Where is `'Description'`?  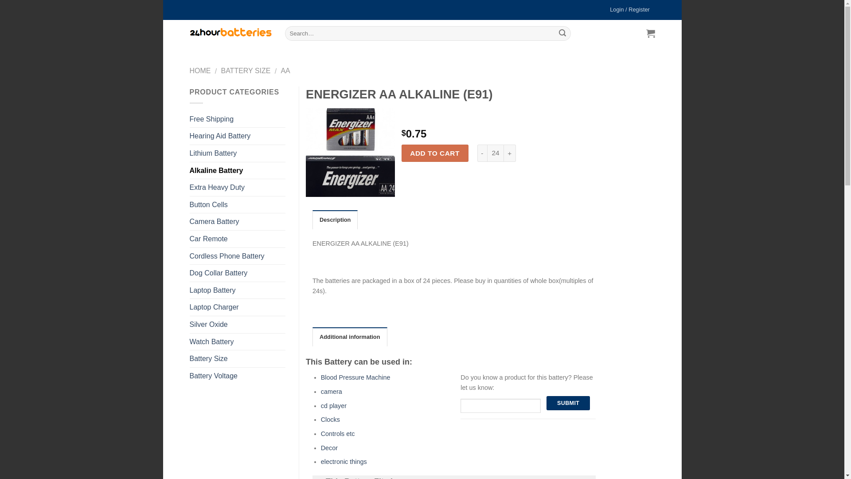
'Description' is located at coordinates (312, 219).